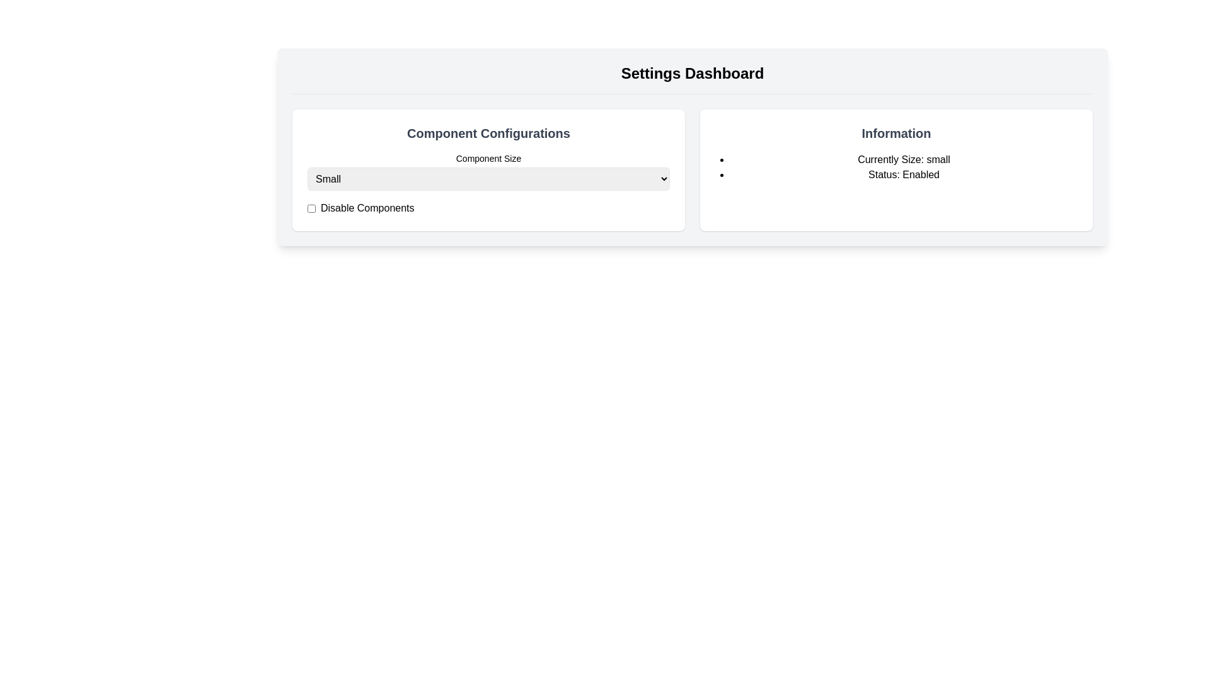  Describe the element at coordinates (903, 159) in the screenshot. I see `the static text label that reads 'Currently Size: small', located under the header 'Information' in the right section of the interface` at that location.